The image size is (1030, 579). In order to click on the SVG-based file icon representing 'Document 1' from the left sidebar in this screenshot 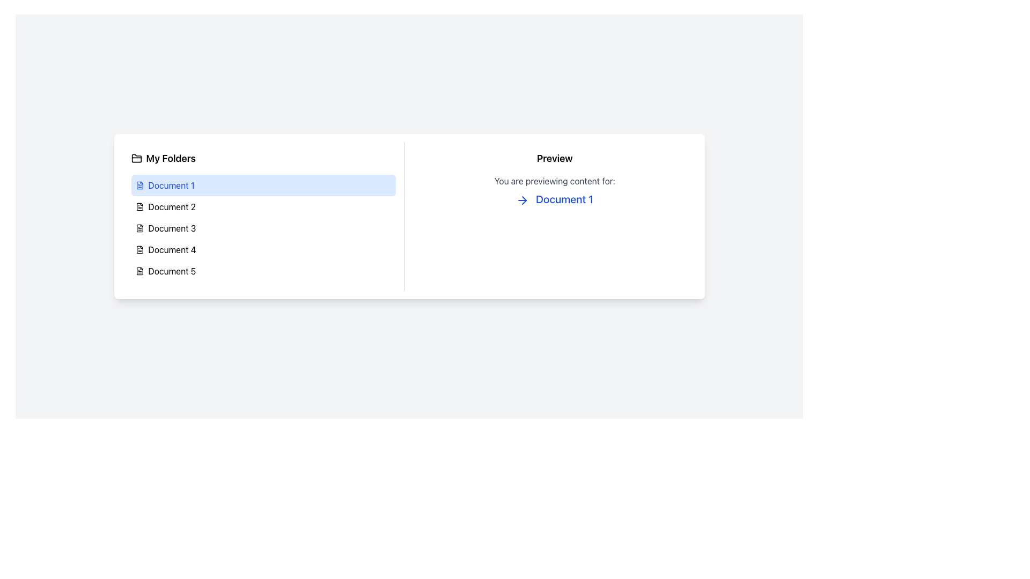, I will do `click(139, 185)`.